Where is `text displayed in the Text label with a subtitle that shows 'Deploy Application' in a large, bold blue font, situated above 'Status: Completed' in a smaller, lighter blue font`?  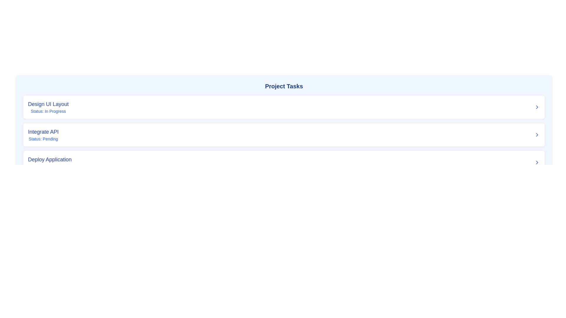 text displayed in the Text label with a subtitle that shows 'Deploy Application' in a large, bold blue font, situated above 'Status: Completed' in a smaller, lighter blue font is located at coordinates (50, 162).